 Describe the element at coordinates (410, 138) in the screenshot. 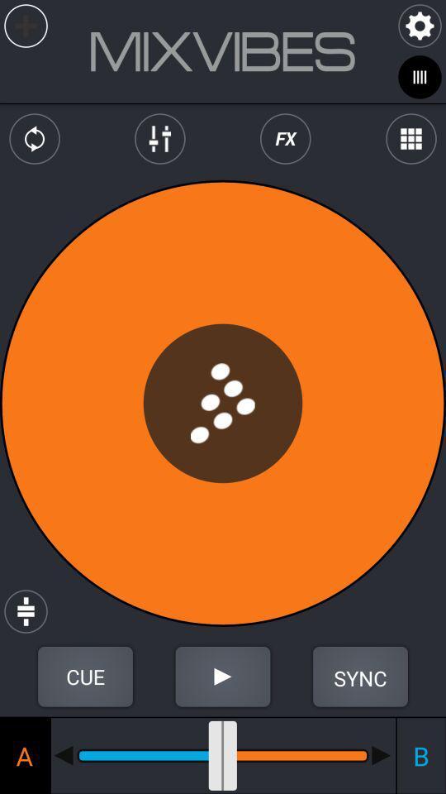

I see `overview option` at that location.